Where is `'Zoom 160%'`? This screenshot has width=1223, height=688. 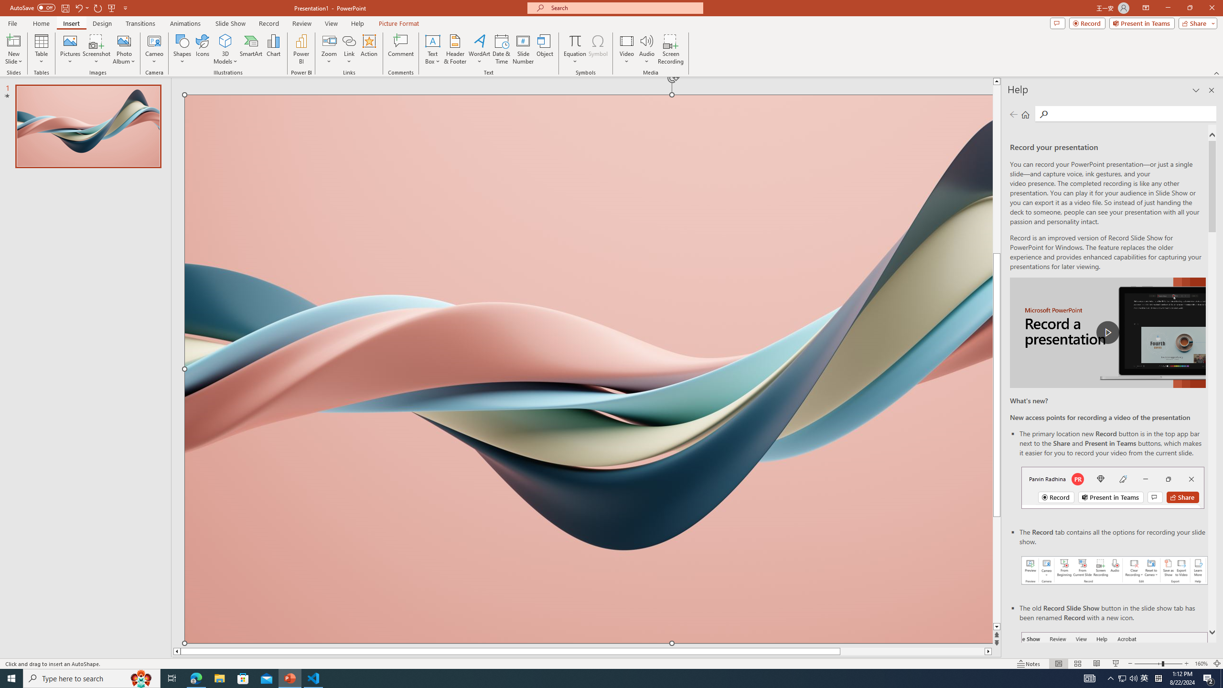
'Zoom 160%' is located at coordinates (1202, 664).